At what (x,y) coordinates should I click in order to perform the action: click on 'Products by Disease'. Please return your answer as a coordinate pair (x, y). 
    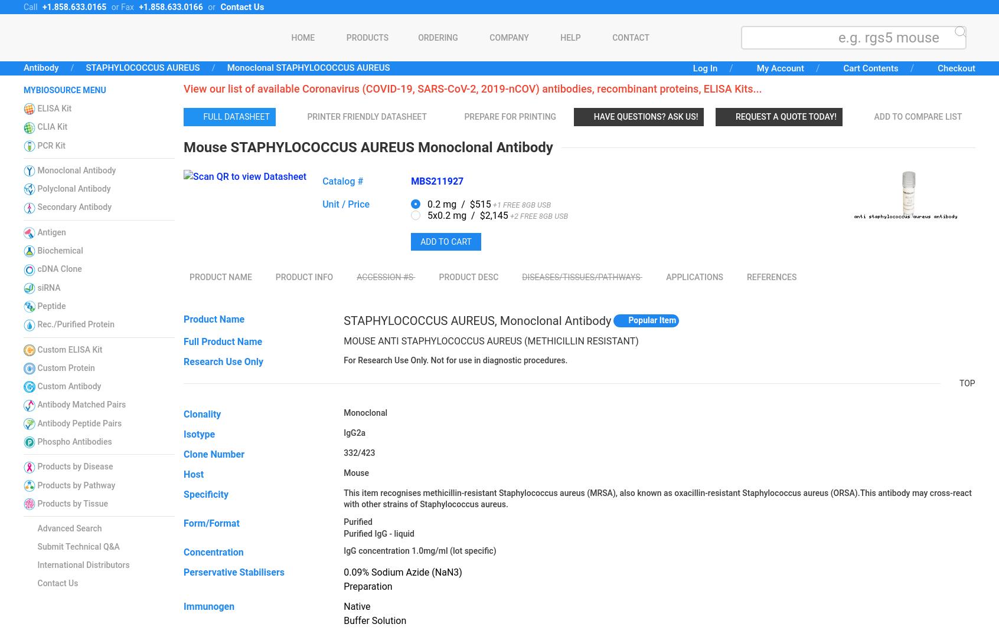
    Looking at the image, I should click on (75, 465).